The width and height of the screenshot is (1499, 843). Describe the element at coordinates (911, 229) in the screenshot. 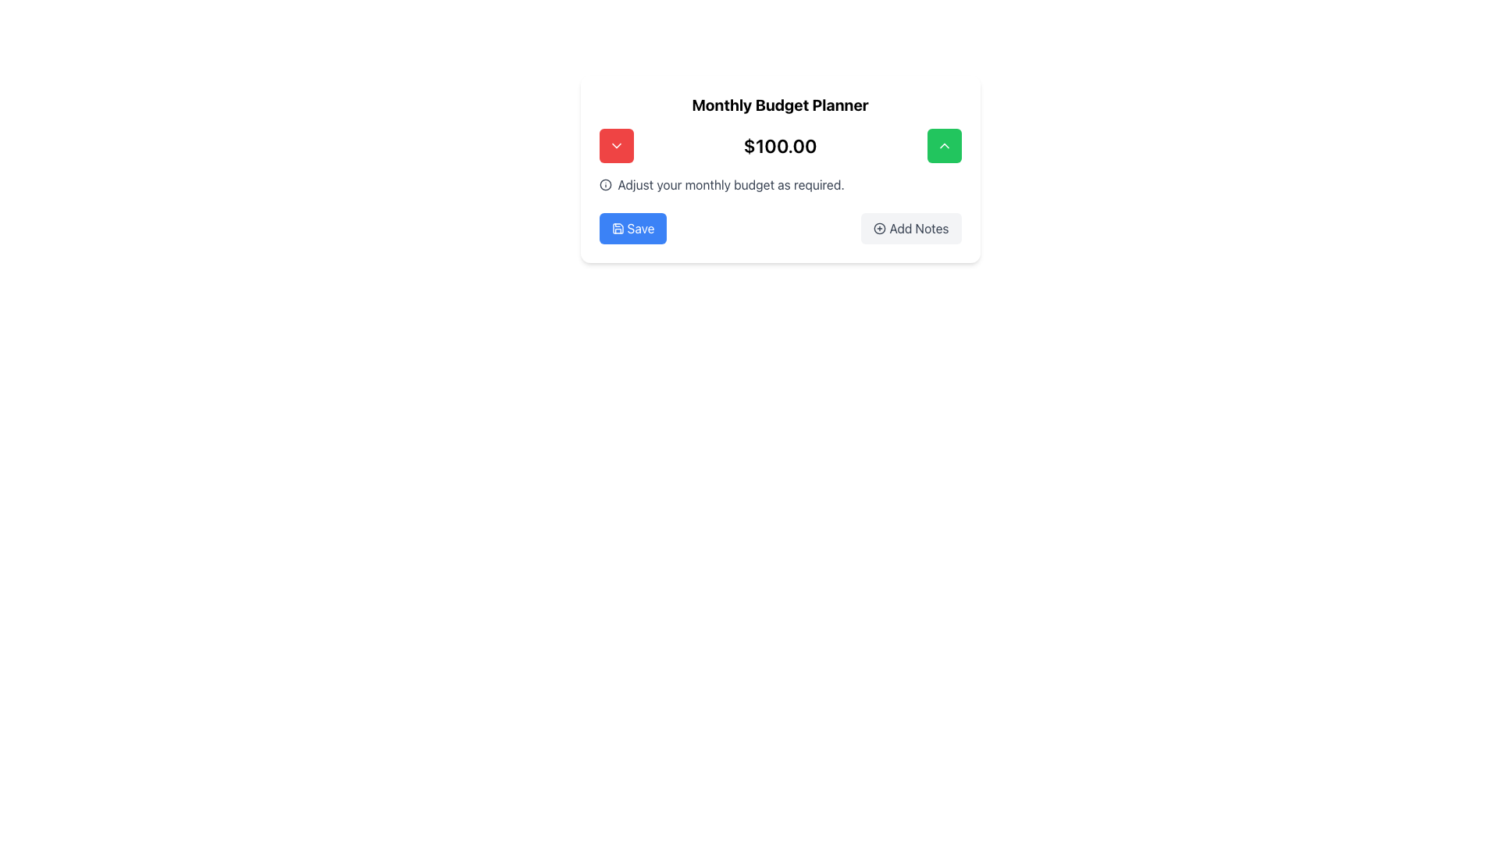

I see `the 'Add Notes' button, which is located to the right of the 'Save' button and features a '+' icon to signify its functionality` at that location.